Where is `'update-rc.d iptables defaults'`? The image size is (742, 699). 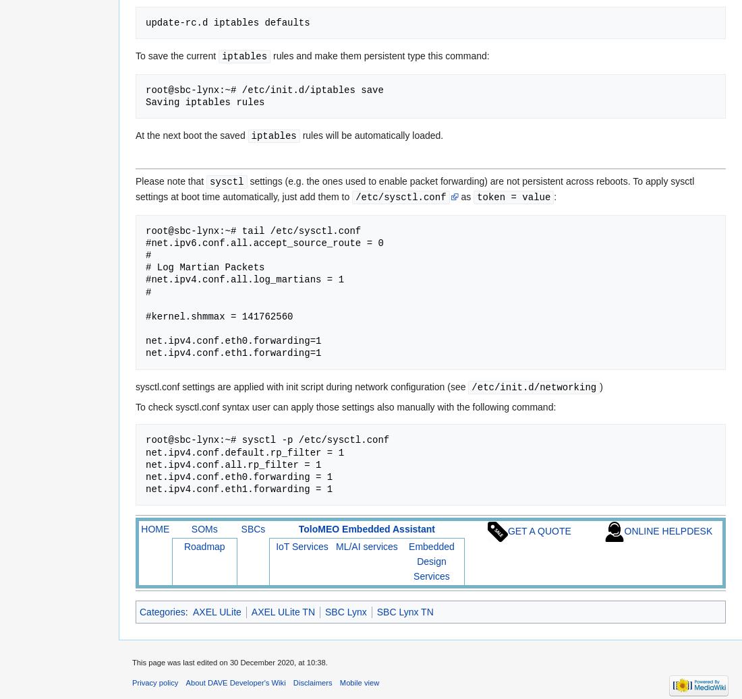
'update-rc.d iptables defaults' is located at coordinates (146, 22).